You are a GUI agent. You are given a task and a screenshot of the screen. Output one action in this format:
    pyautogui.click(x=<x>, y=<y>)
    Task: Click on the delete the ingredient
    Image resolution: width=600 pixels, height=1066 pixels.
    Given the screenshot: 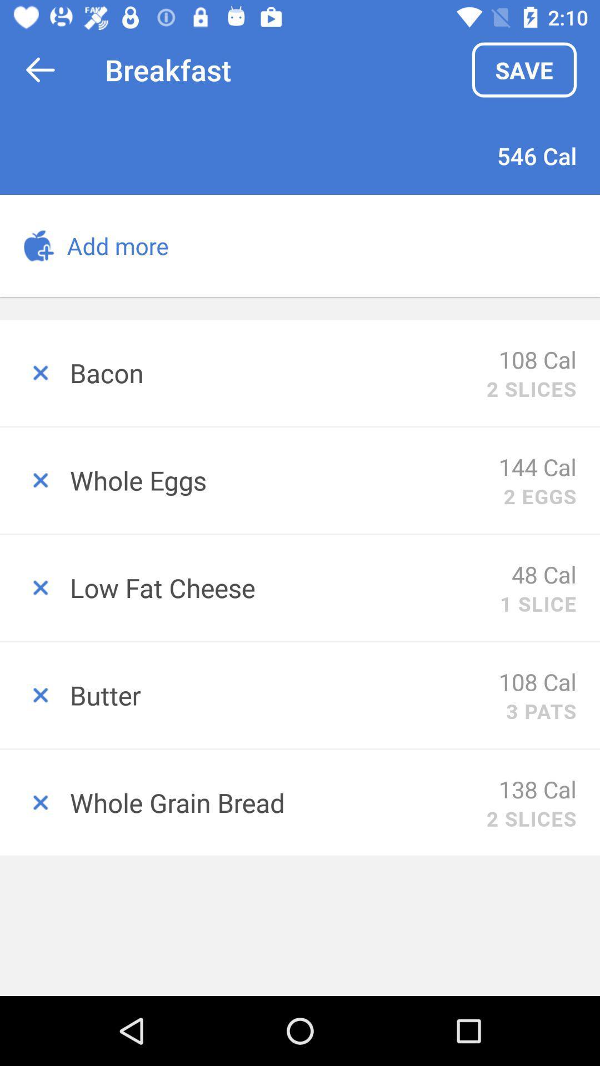 What is the action you would take?
    pyautogui.click(x=34, y=587)
    